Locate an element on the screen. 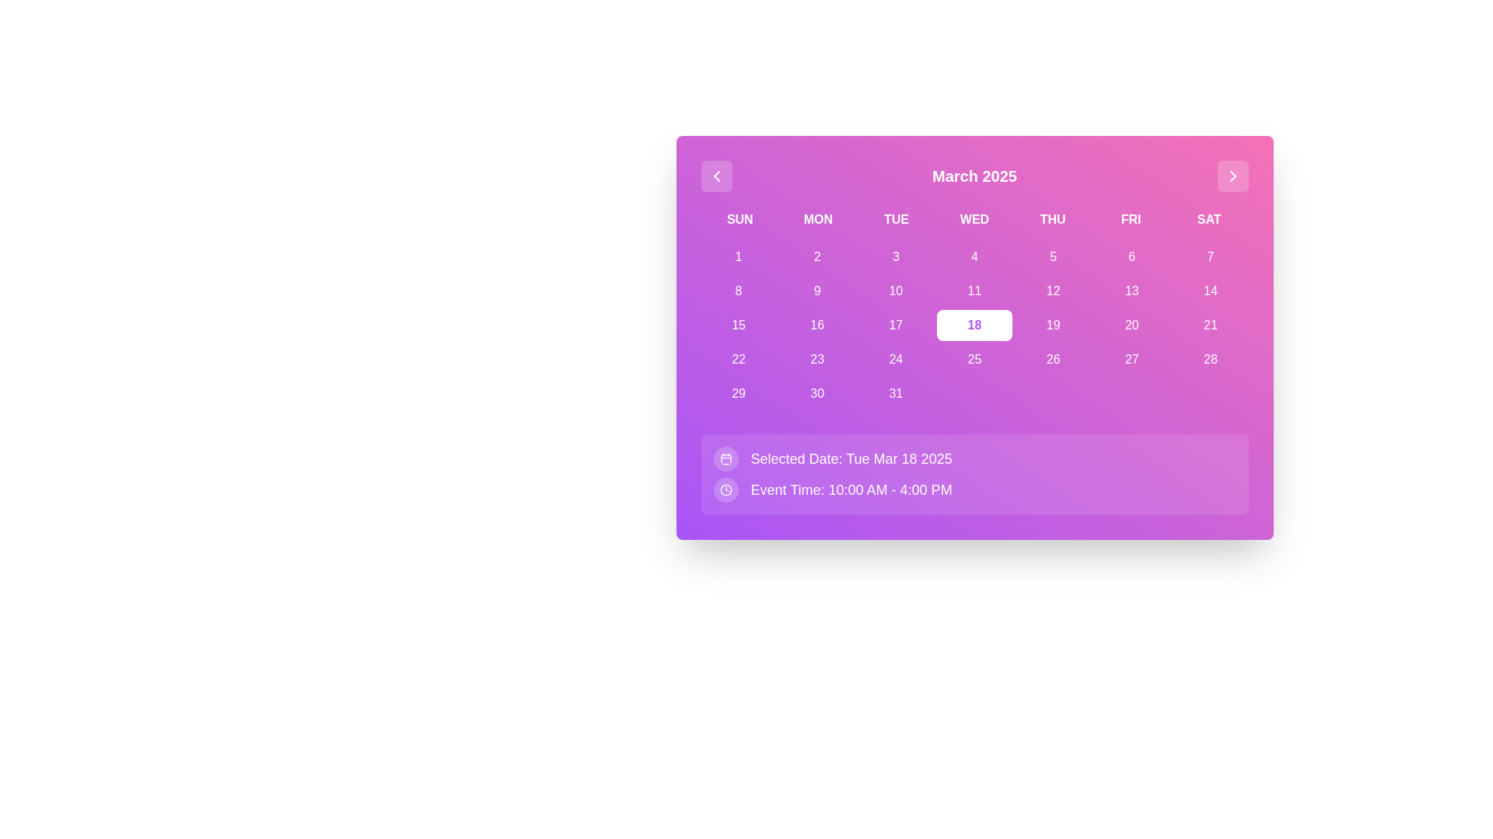  the interactive calendar day selector button located in the fourth row and first column of the calendar grid is located at coordinates (738, 359).